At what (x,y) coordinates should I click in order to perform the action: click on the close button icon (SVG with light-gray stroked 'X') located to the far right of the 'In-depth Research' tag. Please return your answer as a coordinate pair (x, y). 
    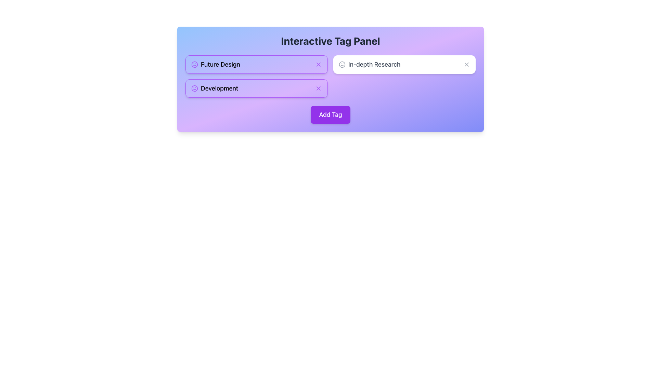
    Looking at the image, I should click on (466, 65).